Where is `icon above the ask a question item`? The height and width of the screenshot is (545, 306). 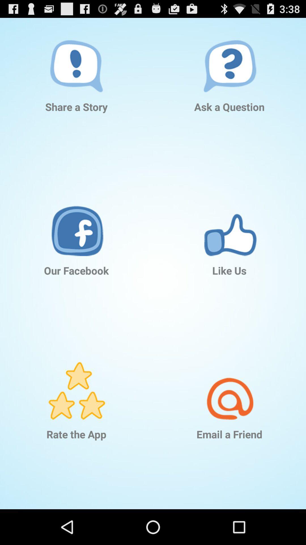
icon above the ask a question item is located at coordinates (229, 55).